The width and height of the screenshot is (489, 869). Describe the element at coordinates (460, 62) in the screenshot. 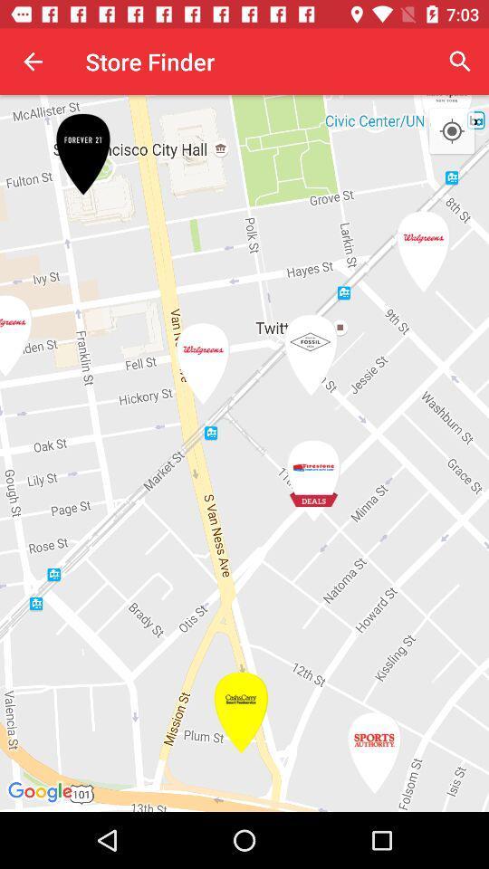

I see `the icon next to store finder app` at that location.